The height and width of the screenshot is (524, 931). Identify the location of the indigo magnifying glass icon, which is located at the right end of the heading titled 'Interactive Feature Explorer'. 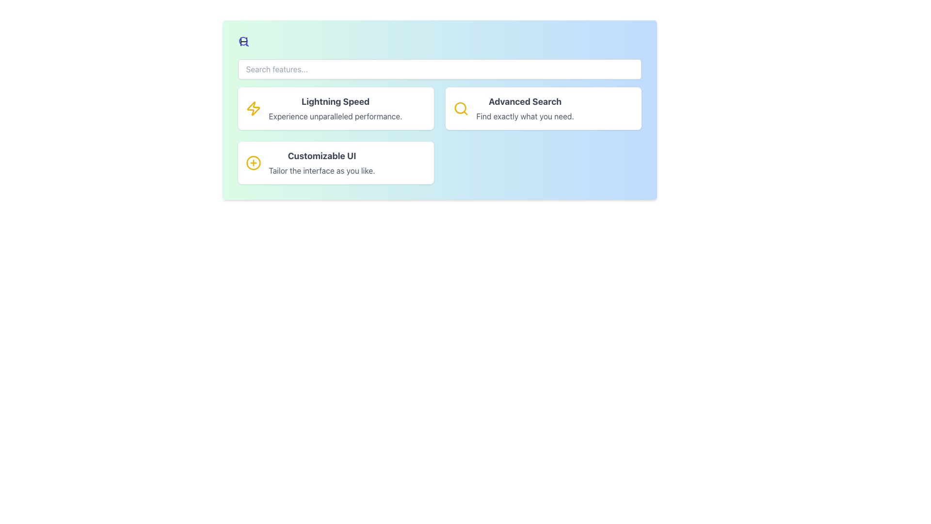
(243, 41).